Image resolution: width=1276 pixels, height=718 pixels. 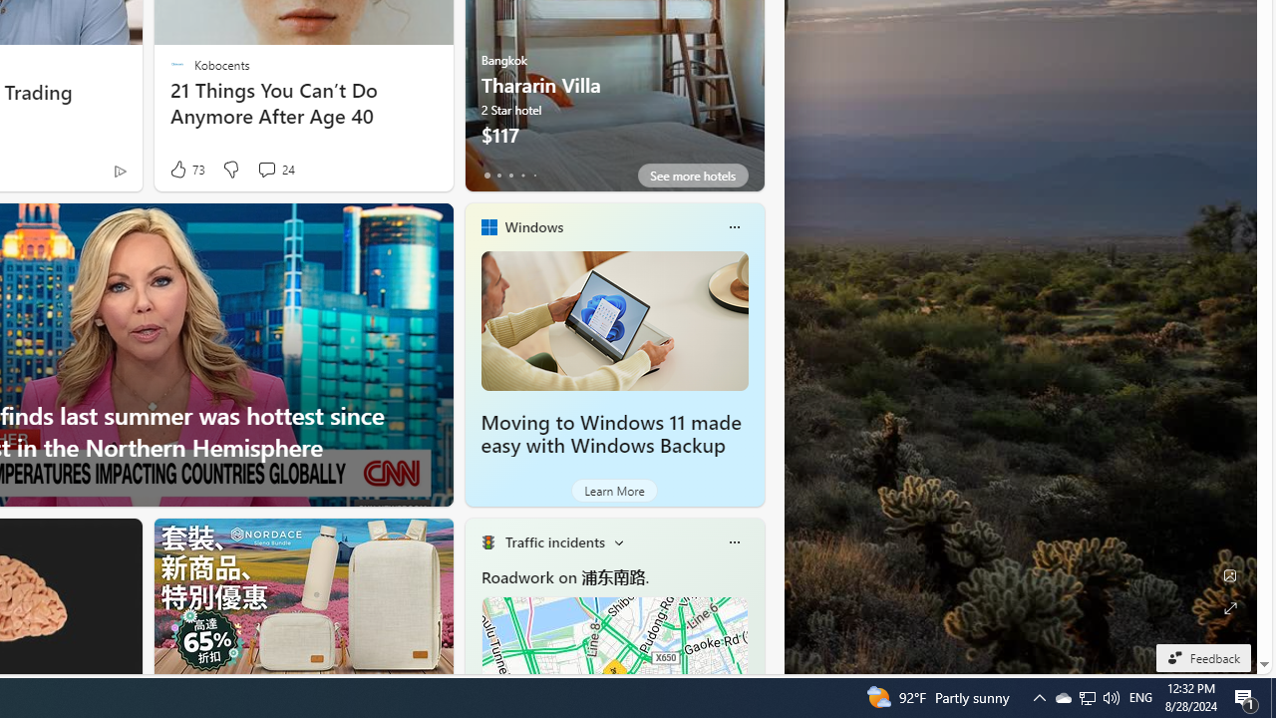 What do you see at coordinates (1228, 575) in the screenshot?
I see `'Edit Background'` at bounding box center [1228, 575].